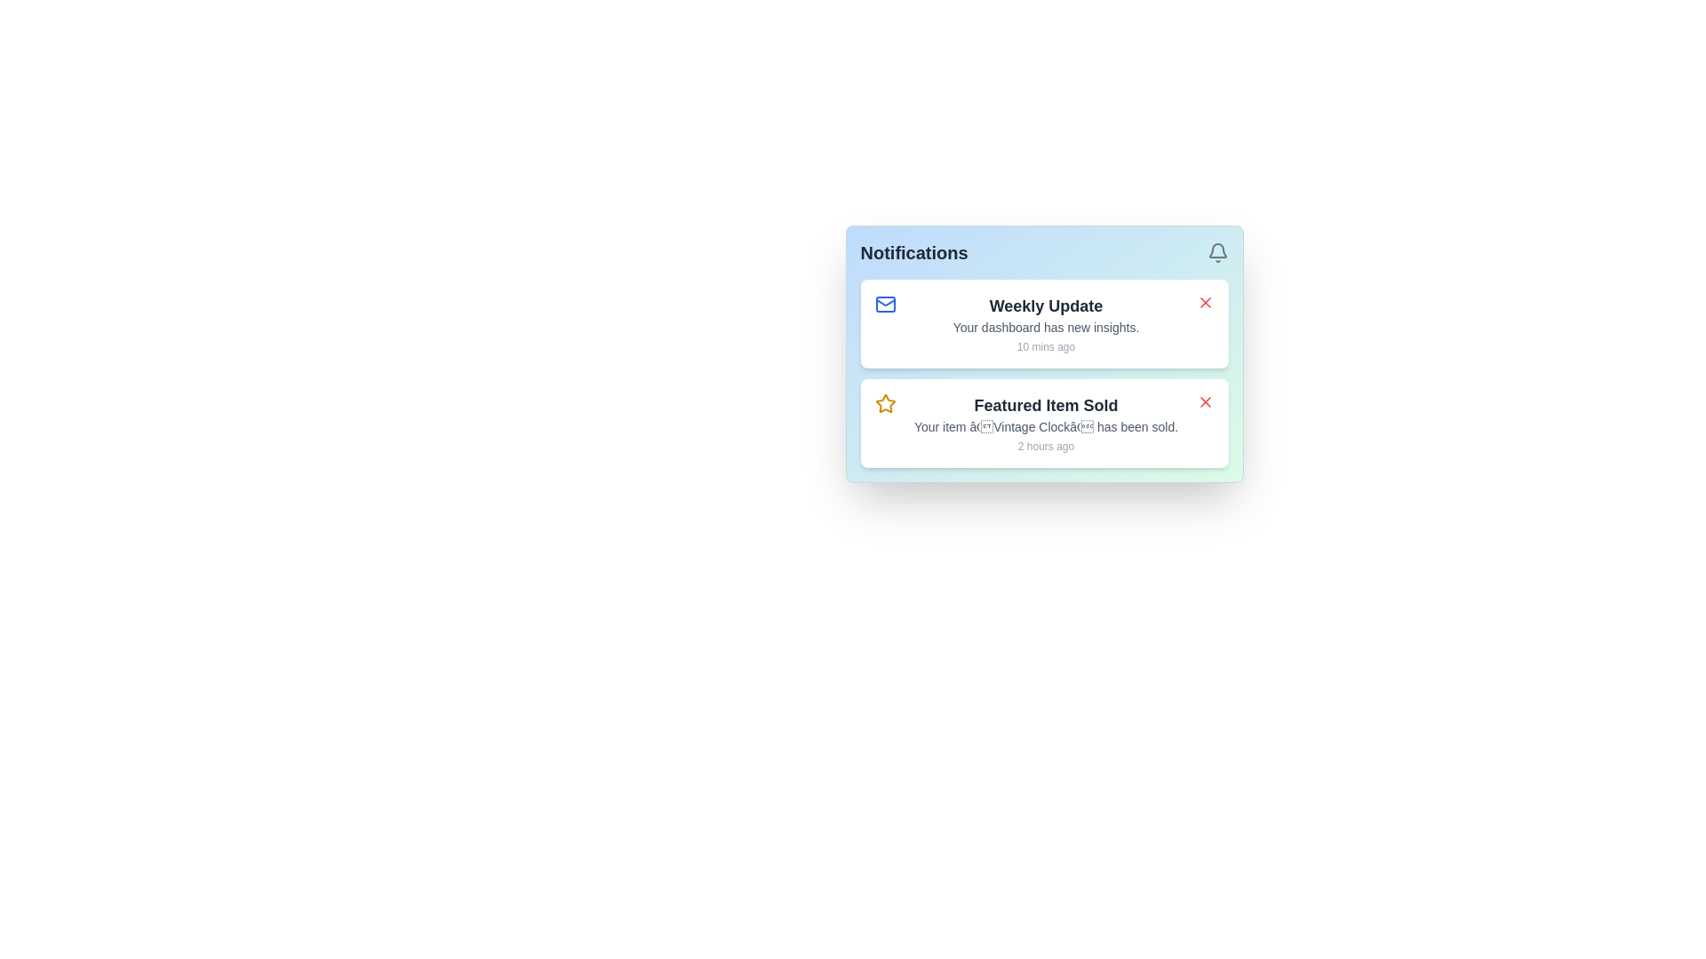  What do you see at coordinates (885, 404) in the screenshot?
I see `the star icon located at the top-left corner of the notification card, next to the title 'Featured Item Sold.'` at bounding box center [885, 404].